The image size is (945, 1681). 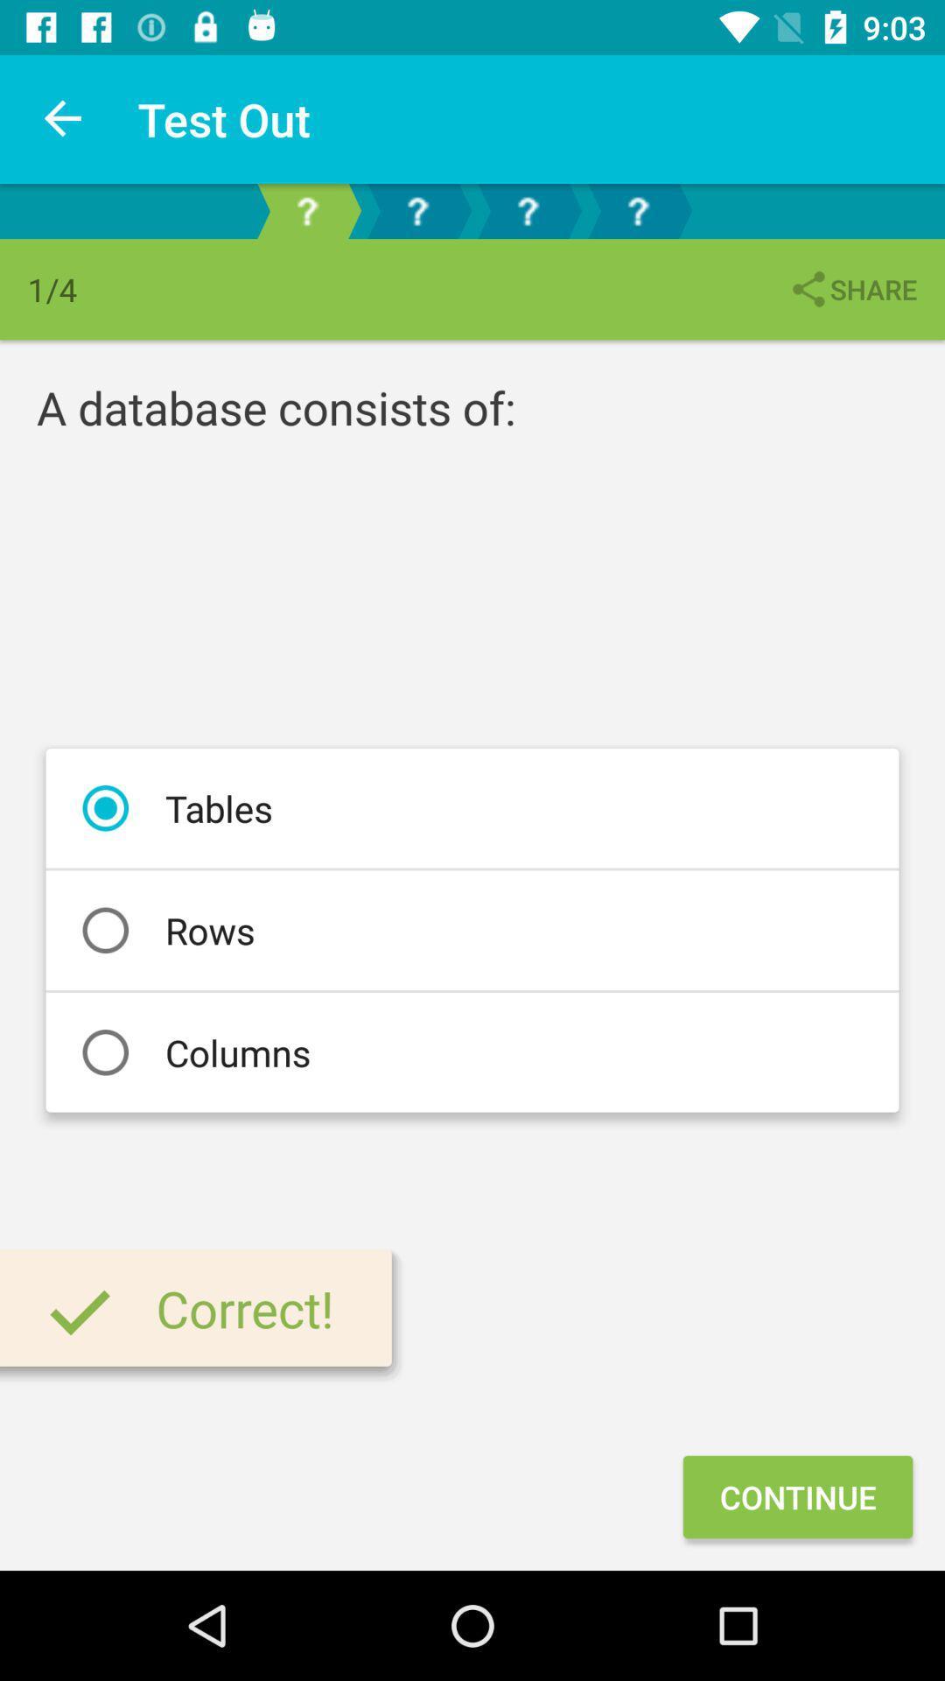 What do you see at coordinates (638, 210) in the screenshot?
I see `the help icon` at bounding box center [638, 210].